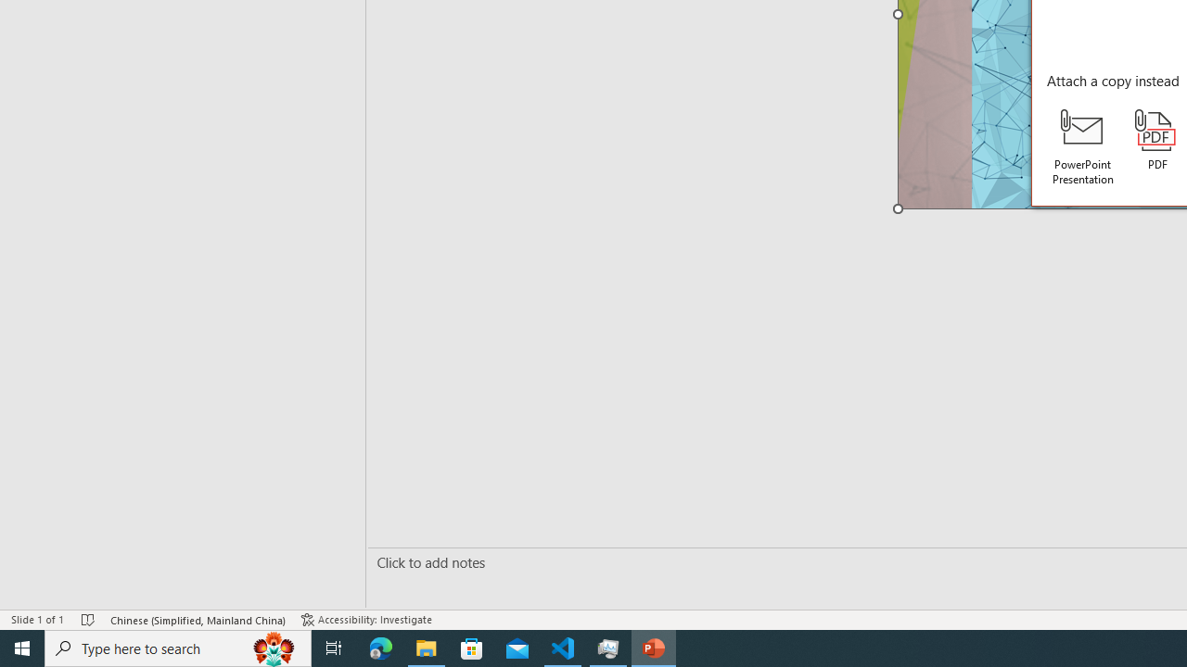 The image size is (1187, 667). I want to click on 'Microsoft Edge', so click(380, 647).